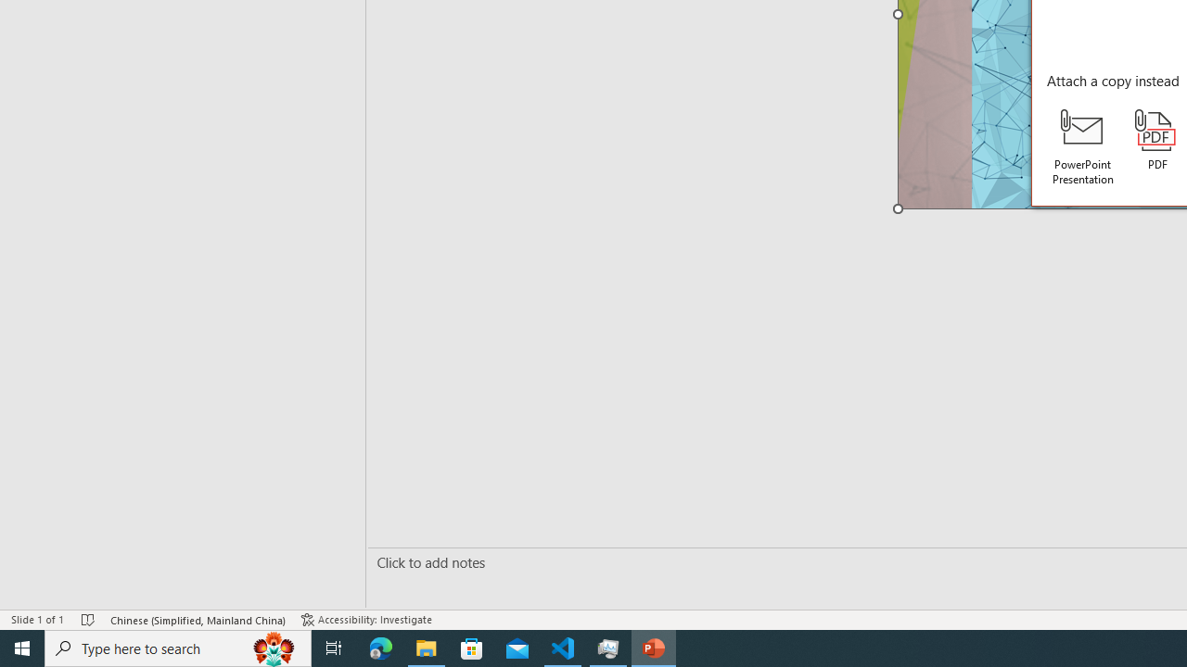 The image size is (1187, 667). I want to click on 'Microsoft Edge', so click(380, 647).